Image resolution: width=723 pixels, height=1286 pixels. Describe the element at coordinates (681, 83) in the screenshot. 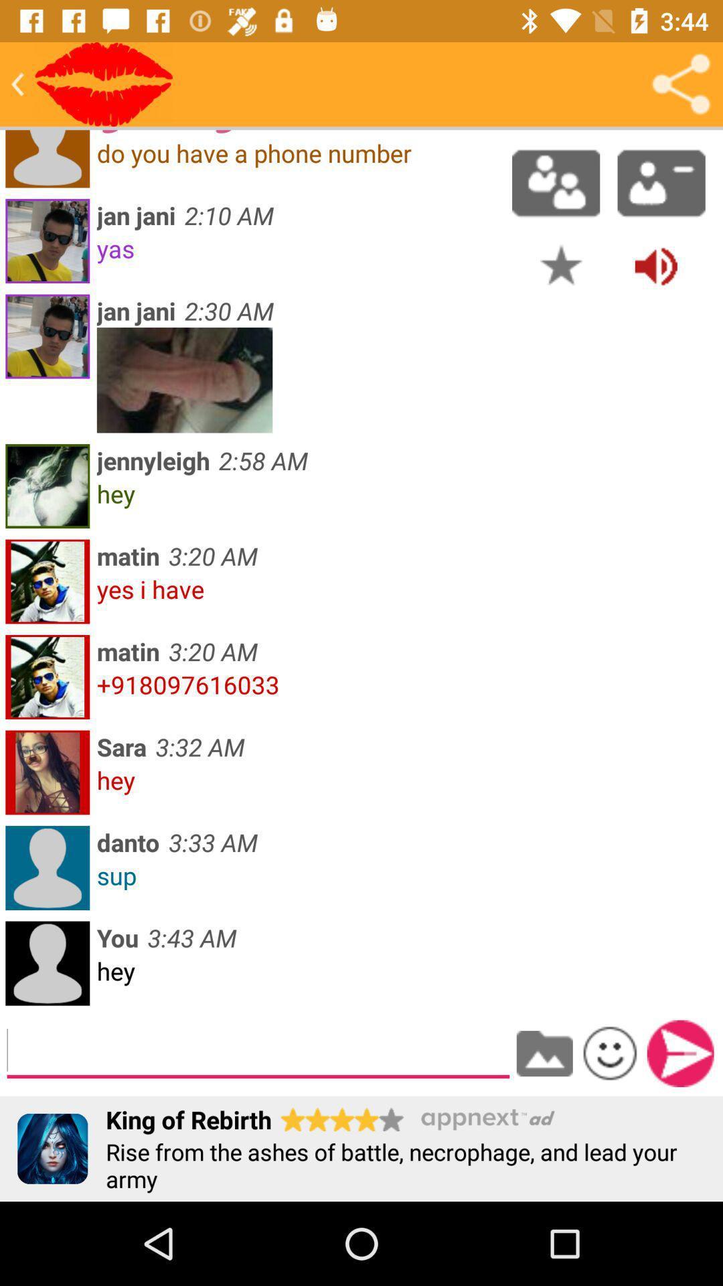

I see `the share icon` at that location.